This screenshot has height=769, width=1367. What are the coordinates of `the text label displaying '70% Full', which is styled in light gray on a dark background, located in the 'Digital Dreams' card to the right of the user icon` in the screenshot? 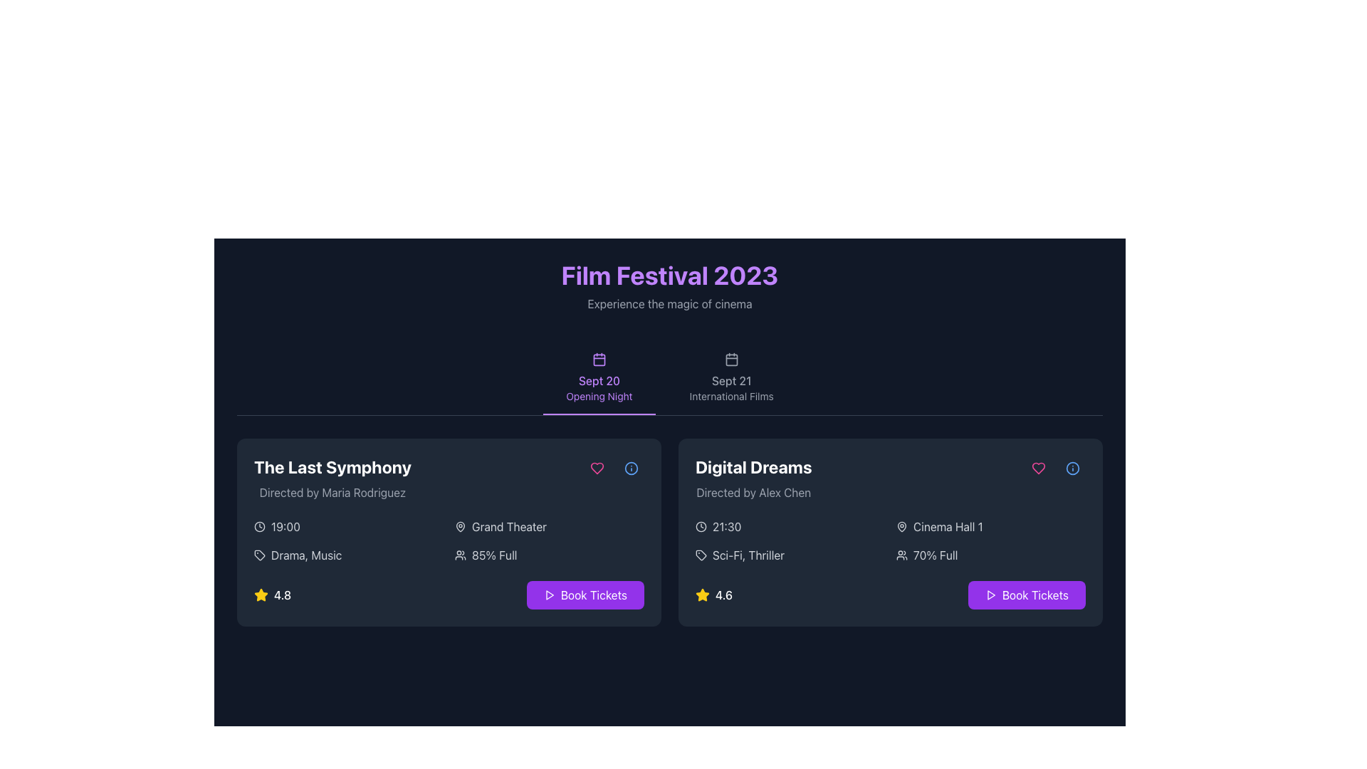 It's located at (936, 554).